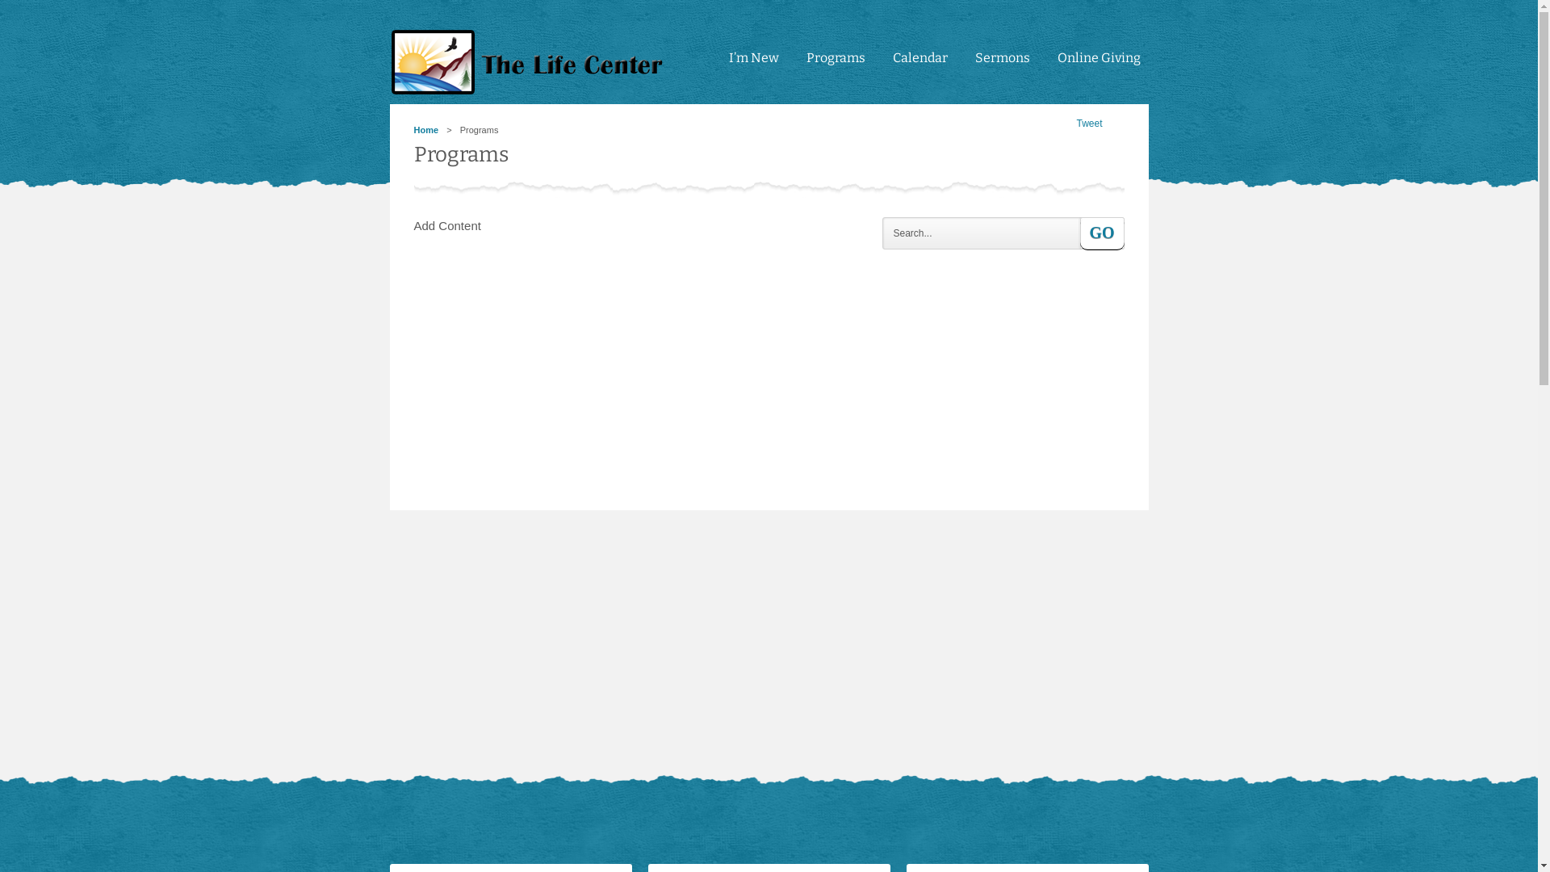 The image size is (1550, 872). Describe the element at coordinates (798, 65) in the screenshot. I see `'Programs'` at that location.